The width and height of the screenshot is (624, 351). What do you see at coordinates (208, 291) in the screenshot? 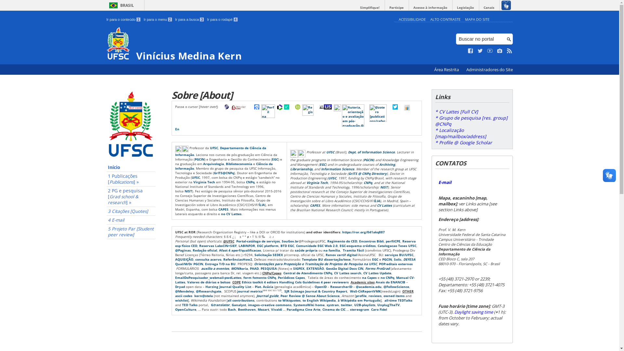
I see `'@Researchgate'` at bounding box center [208, 291].